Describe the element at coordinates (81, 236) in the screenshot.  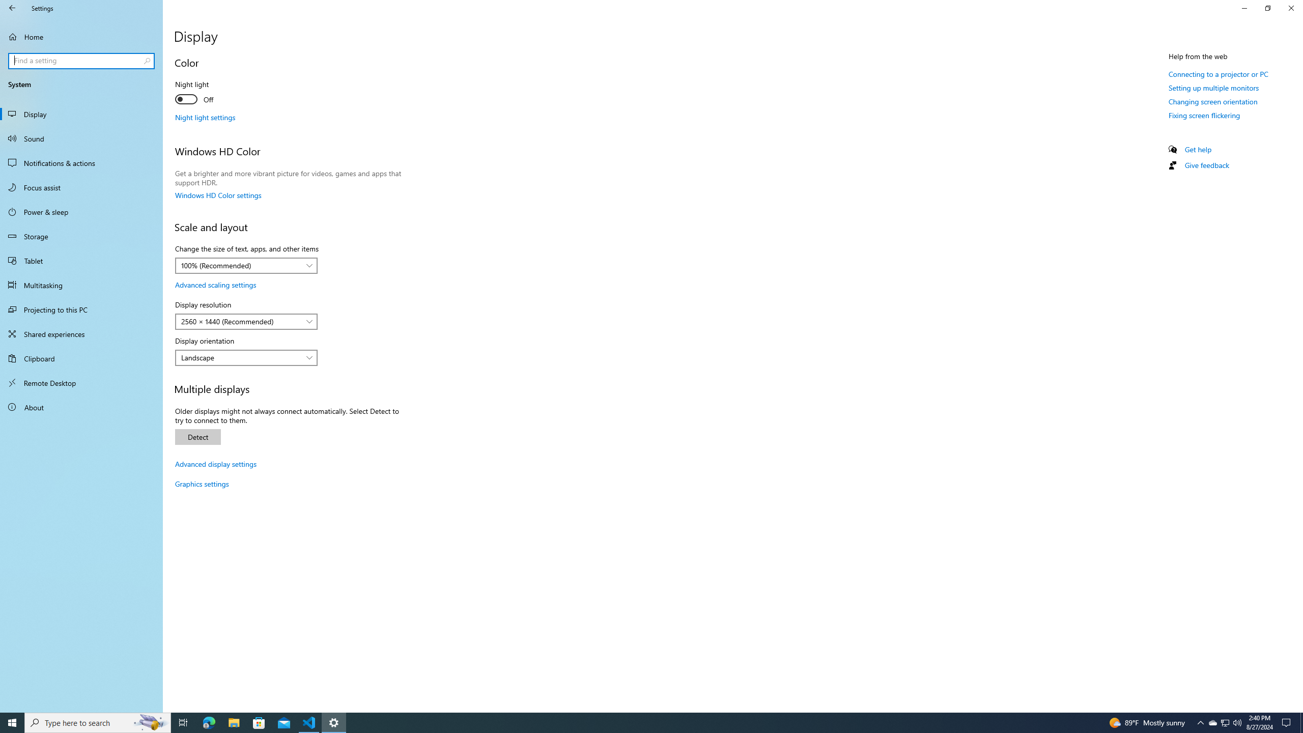
I see `'Storage'` at that location.